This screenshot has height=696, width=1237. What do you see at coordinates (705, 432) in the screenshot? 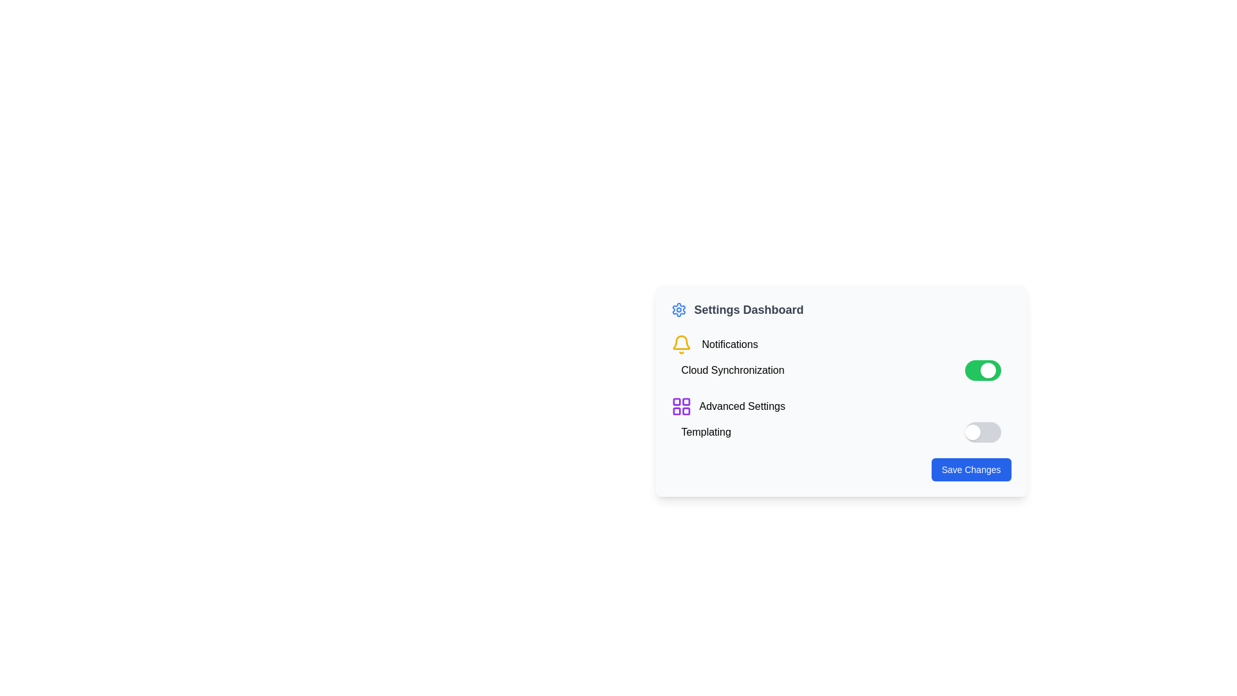
I see `the text label displaying 'Templating' located towards the bottom of the interface panel, above the toggle switch and below the 'Settings Dashboard' header` at bounding box center [705, 432].